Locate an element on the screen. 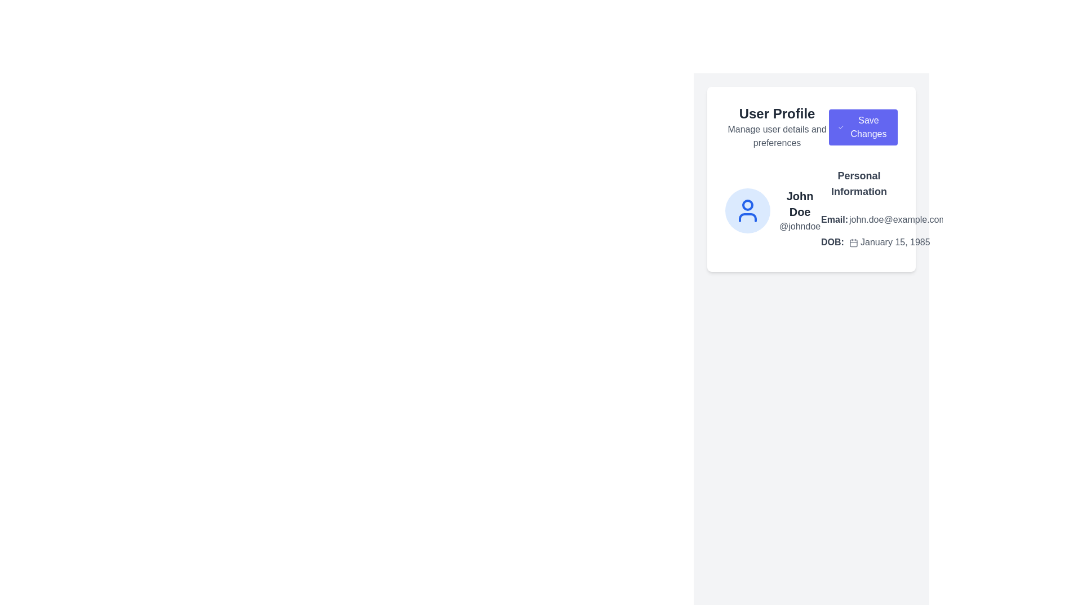 Image resolution: width=1082 pixels, height=609 pixels. the date text 'January 15, 1985' with a gray font and a small gray calendar icon that is located in the bottom right of the card labeled 'Personal Information' is located at coordinates (897, 241).